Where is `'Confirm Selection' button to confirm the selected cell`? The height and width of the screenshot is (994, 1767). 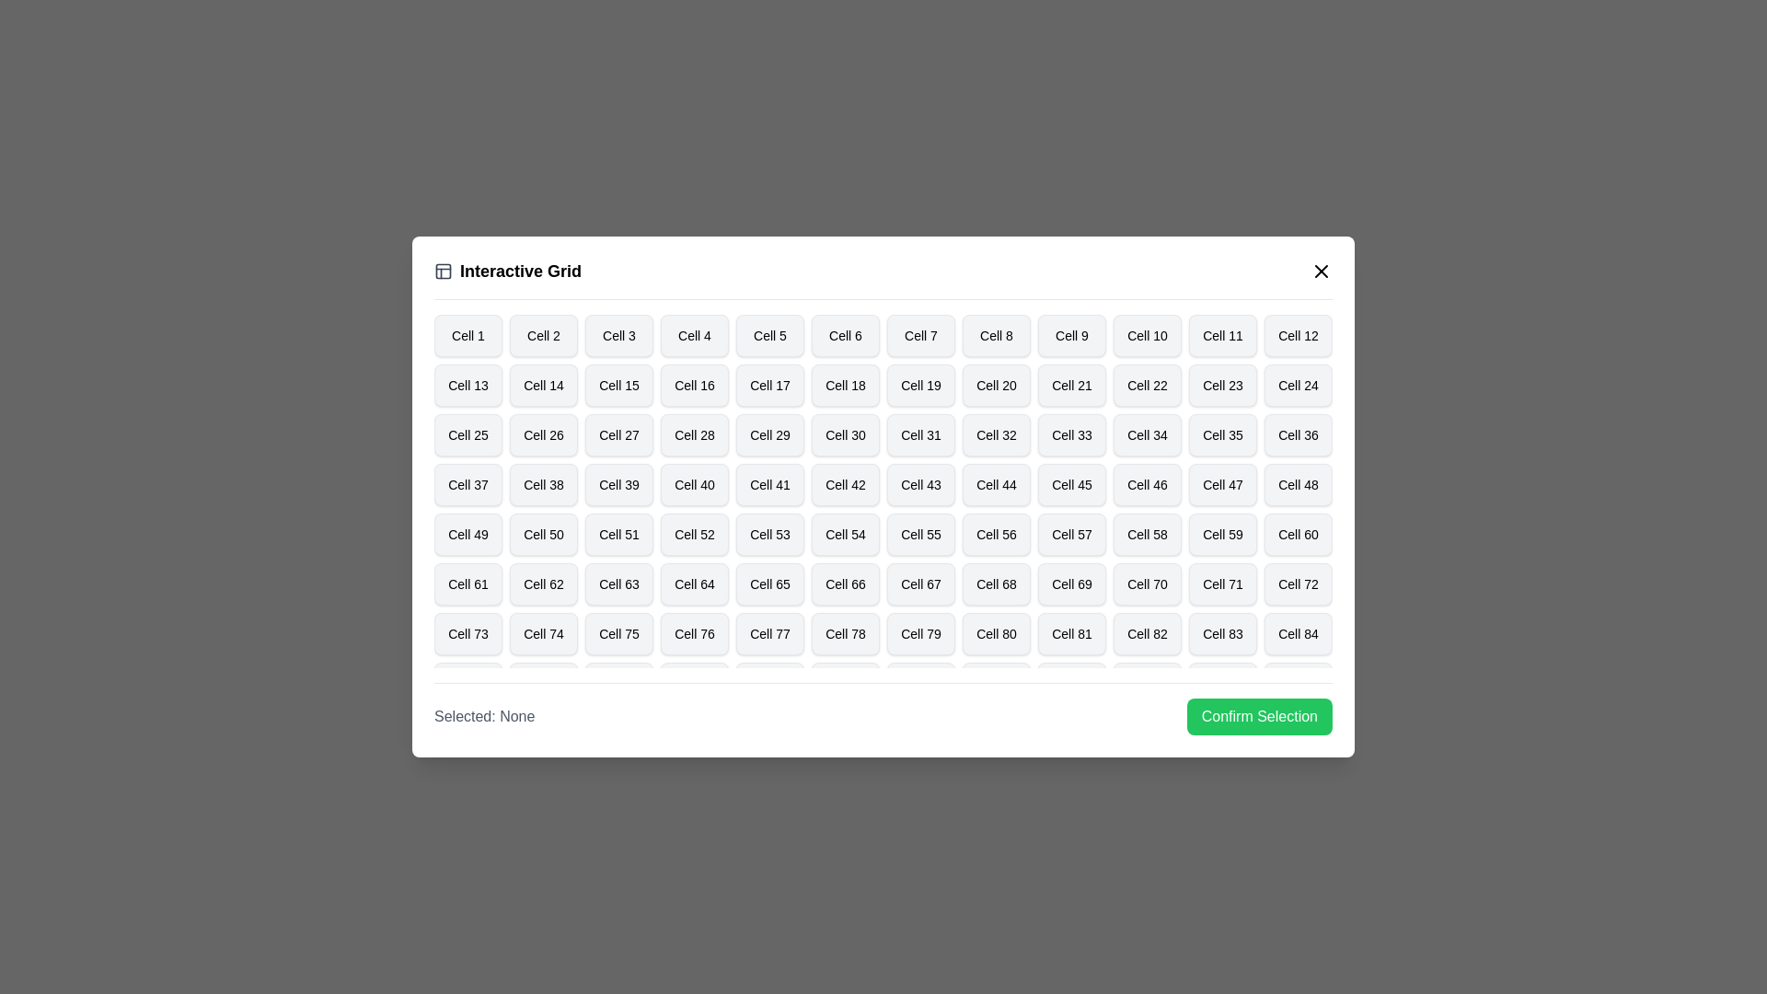
'Confirm Selection' button to confirm the selected cell is located at coordinates (1258, 716).